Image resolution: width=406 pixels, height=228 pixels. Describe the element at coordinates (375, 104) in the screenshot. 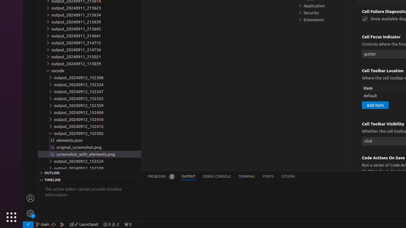

I see `'Add Item'` at that location.